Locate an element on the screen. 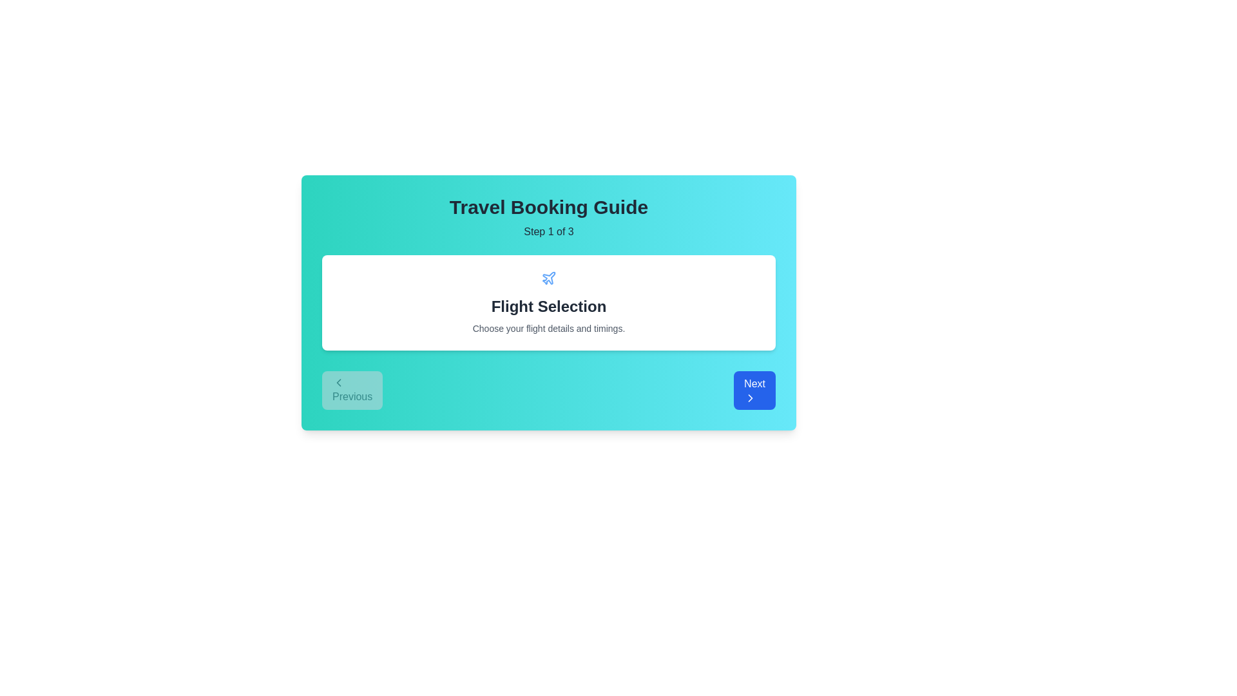 The height and width of the screenshot is (696, 1237). the non-interactive step indicator text label that shows 'Step 1 of 3' located beneath the title 'Travel Booking Guide' is located at coordinates (548, 231).